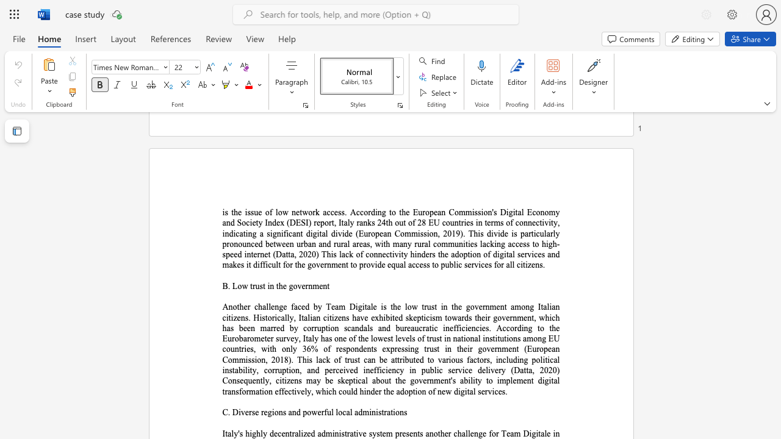 The height and width of the screenshot is (439, 781). What do you see at coordinates (305, 286) in the screenshot?
I see `the subset text "rnm" within the text "B. Low trust in the government"` at bounding box center [305, 286].